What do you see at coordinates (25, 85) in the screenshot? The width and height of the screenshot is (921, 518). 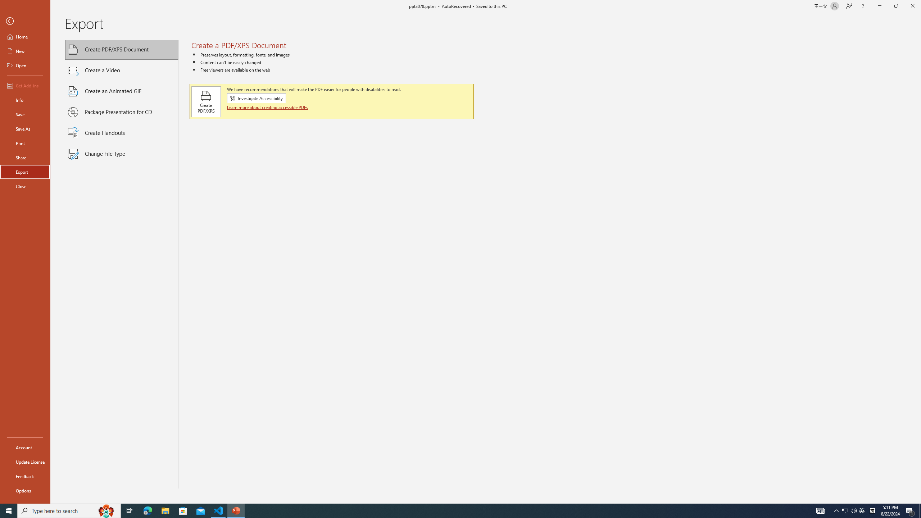 I see `'Get Add-ins'` at bounding box center [25, 85].